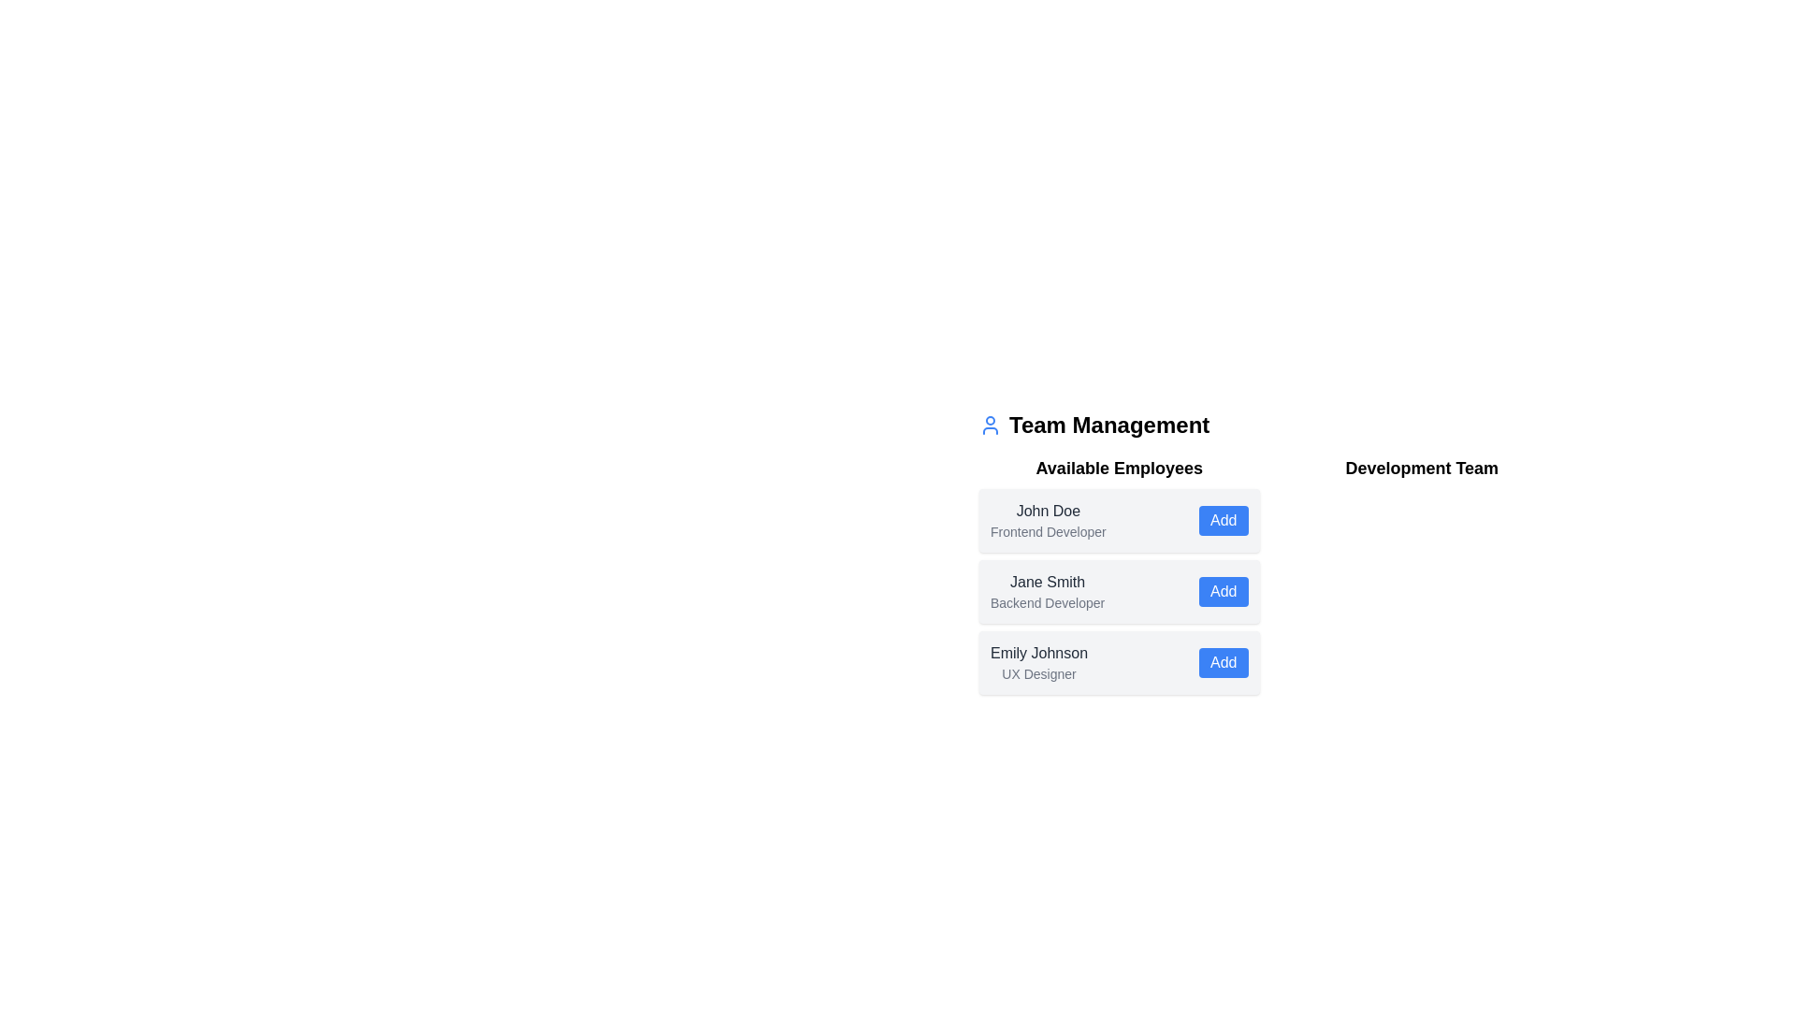 The width and height of the screenshot is (1796, 1010). Describe the element at coordinates (1038, 652) in the screenshot. I see `text label displaying 'Emily Johnson' located in the 'Available Employees' section, which is the first line of the third list item` at that location.